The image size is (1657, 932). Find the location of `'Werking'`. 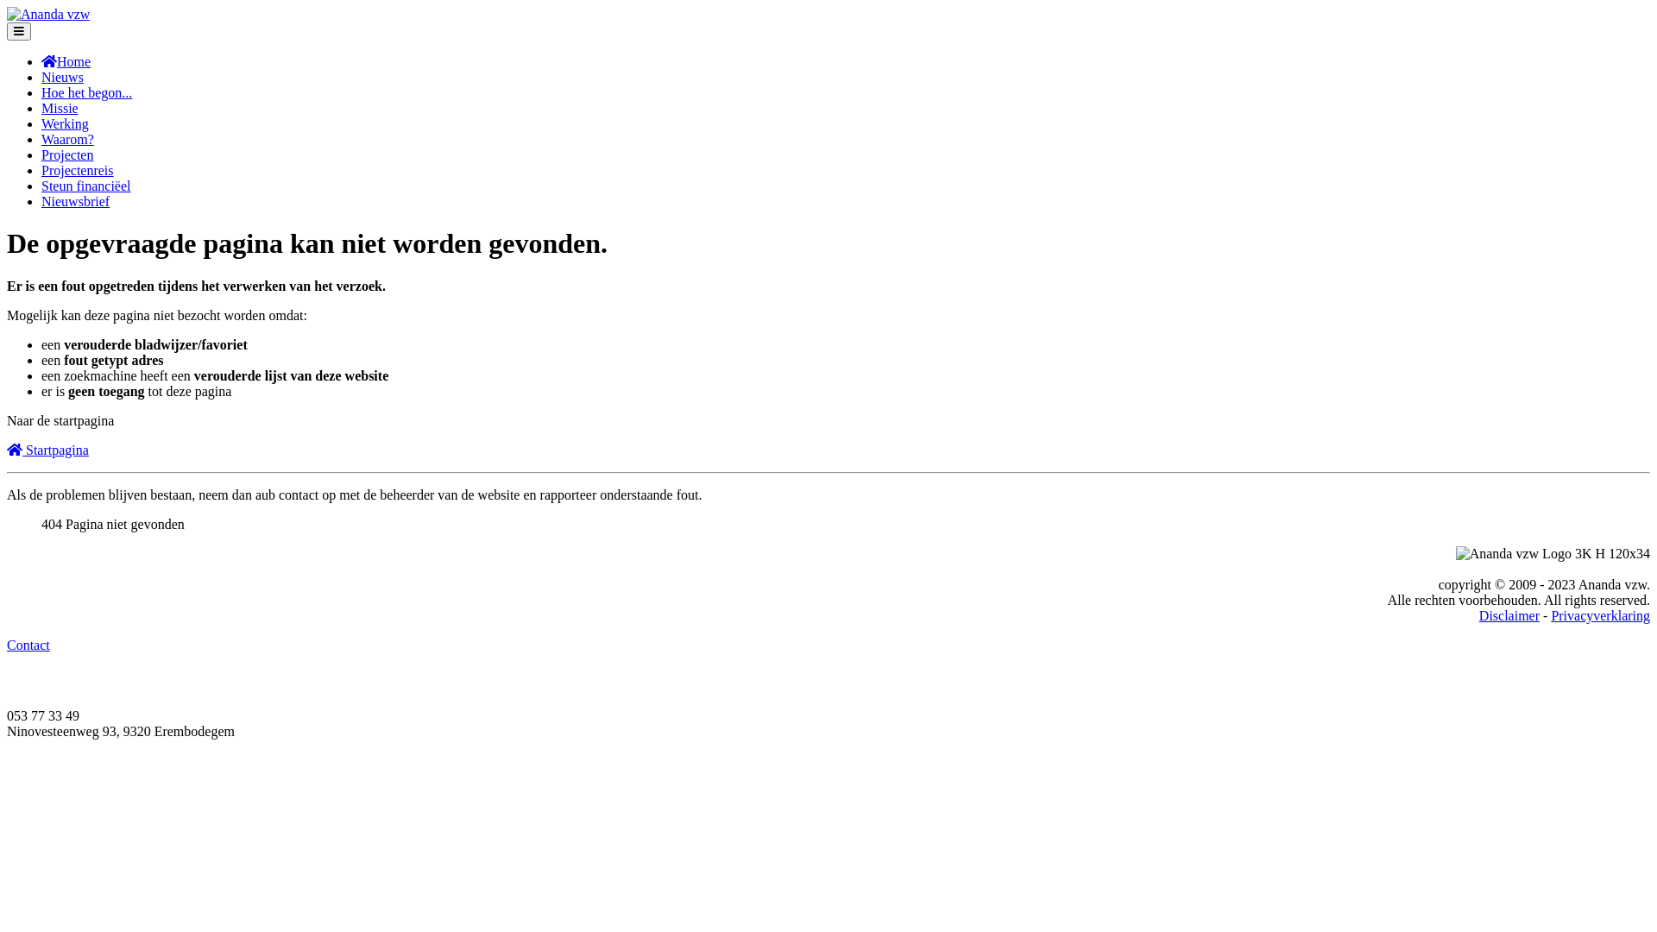

'Werking' is located at coordinates (65, 123).